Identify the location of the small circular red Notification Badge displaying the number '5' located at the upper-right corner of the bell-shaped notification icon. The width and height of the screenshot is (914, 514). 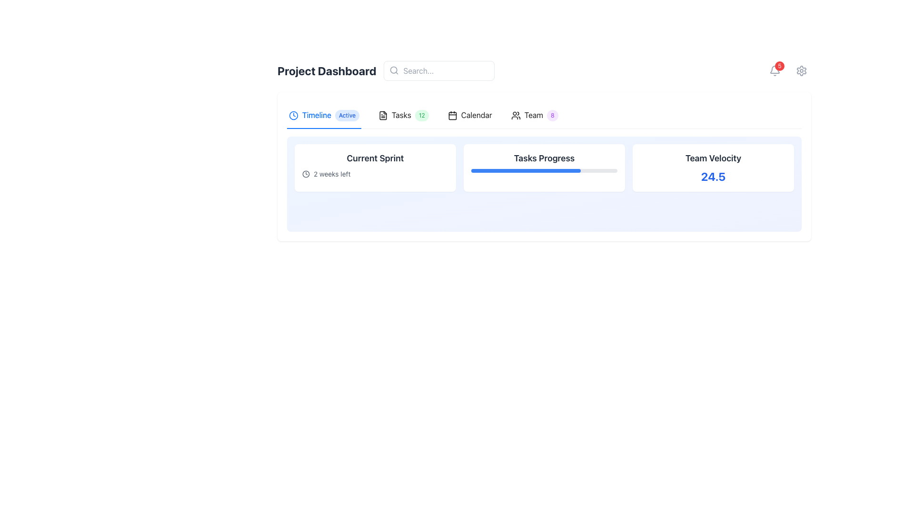
(779, 65).